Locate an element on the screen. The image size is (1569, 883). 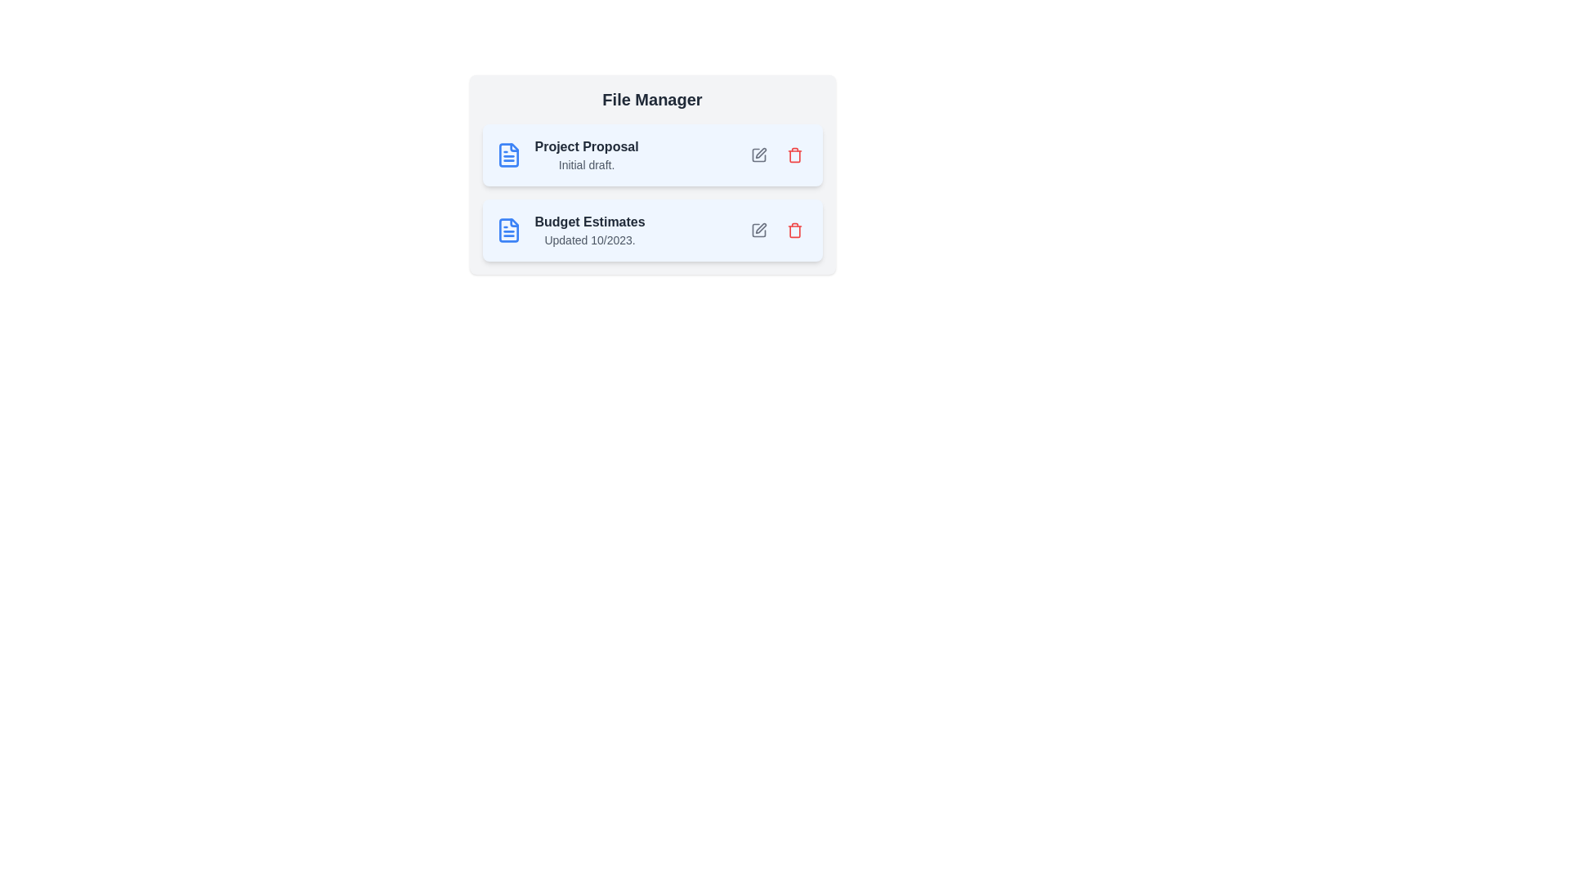
the delete button for the file Project Proposal is located at coordinates (794, 155).